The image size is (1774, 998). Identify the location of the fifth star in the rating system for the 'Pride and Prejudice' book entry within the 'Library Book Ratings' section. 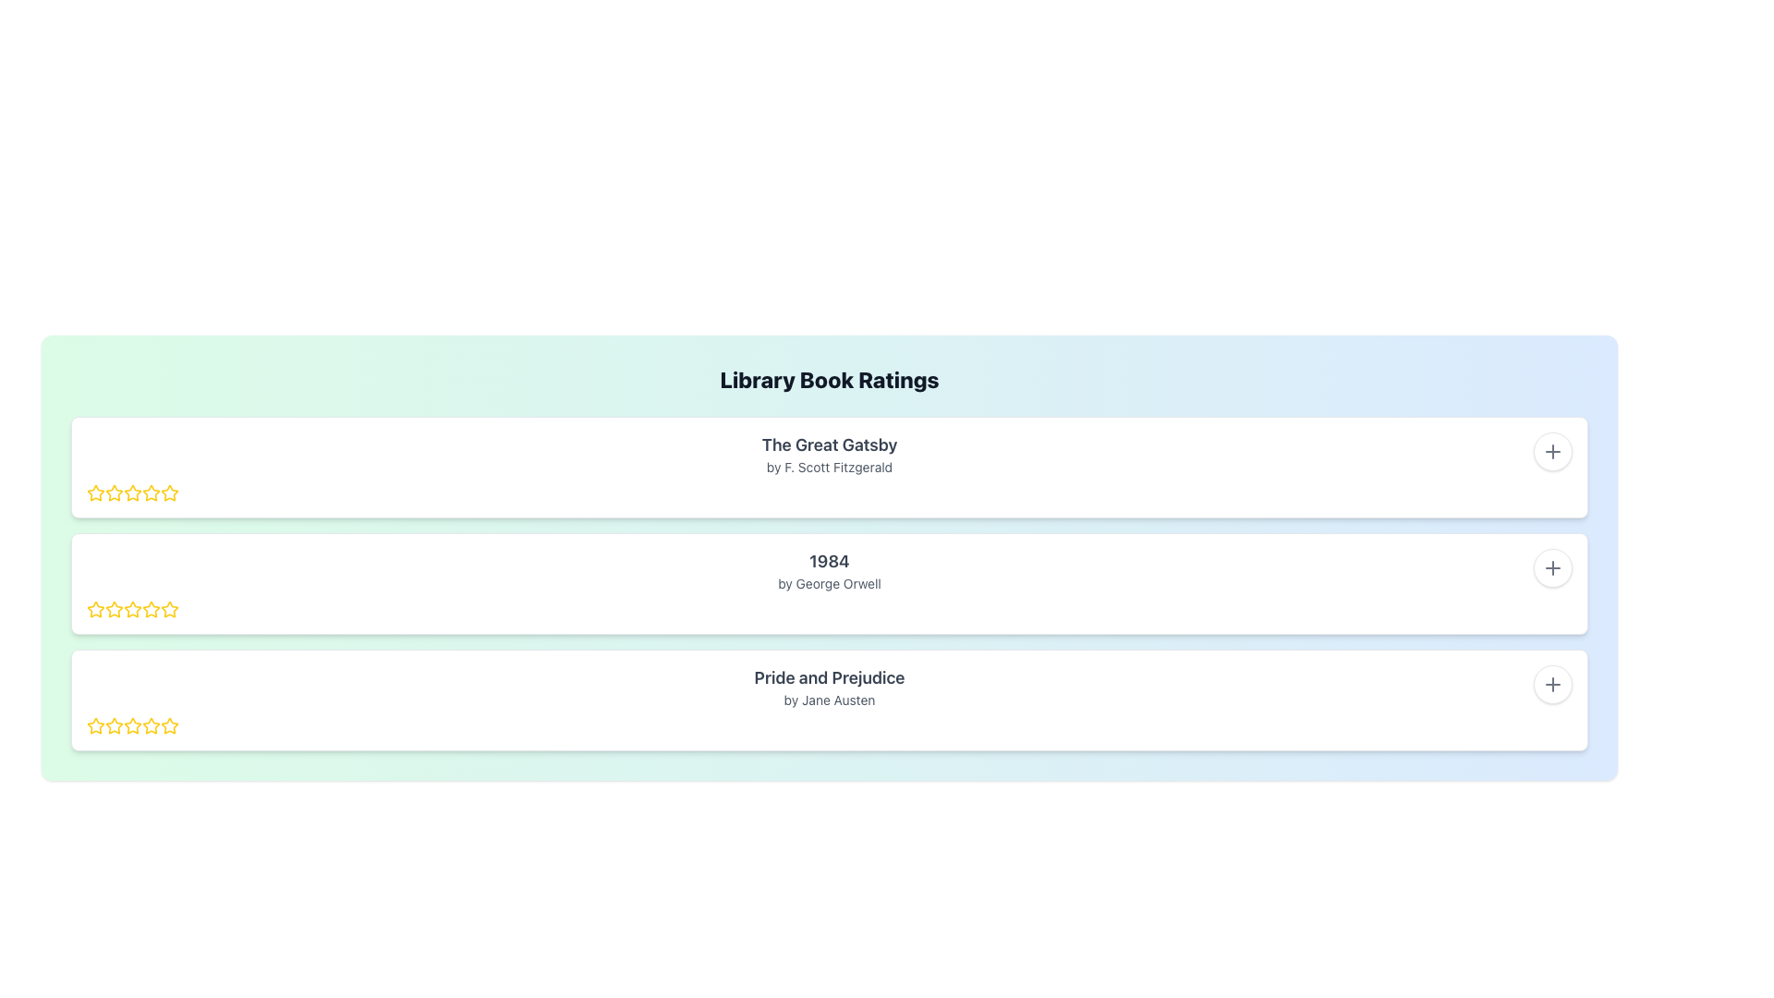
(151, 725).